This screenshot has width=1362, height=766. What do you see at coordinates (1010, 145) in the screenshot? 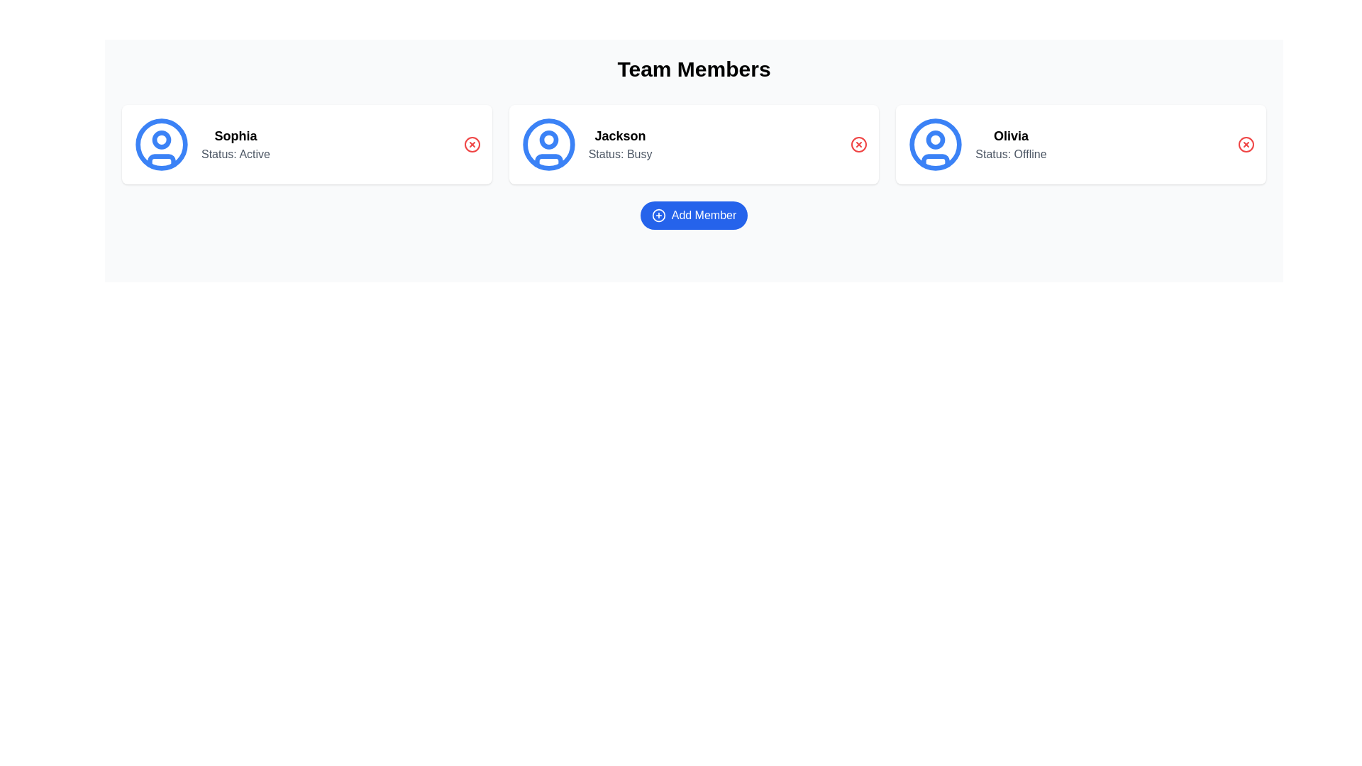
I see `the Text element displaying the name 'Olivia' and status 'Status: Offline', located in the rightmost user card` at bounding box center [1010, 145].